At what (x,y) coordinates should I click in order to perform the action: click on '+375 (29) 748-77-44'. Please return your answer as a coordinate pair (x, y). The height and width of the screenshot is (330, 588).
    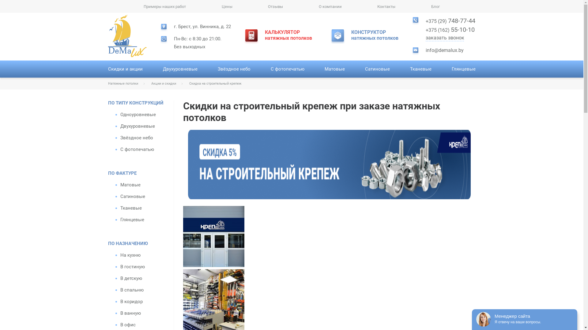
    Looking at the image, I should click on (425, 20).